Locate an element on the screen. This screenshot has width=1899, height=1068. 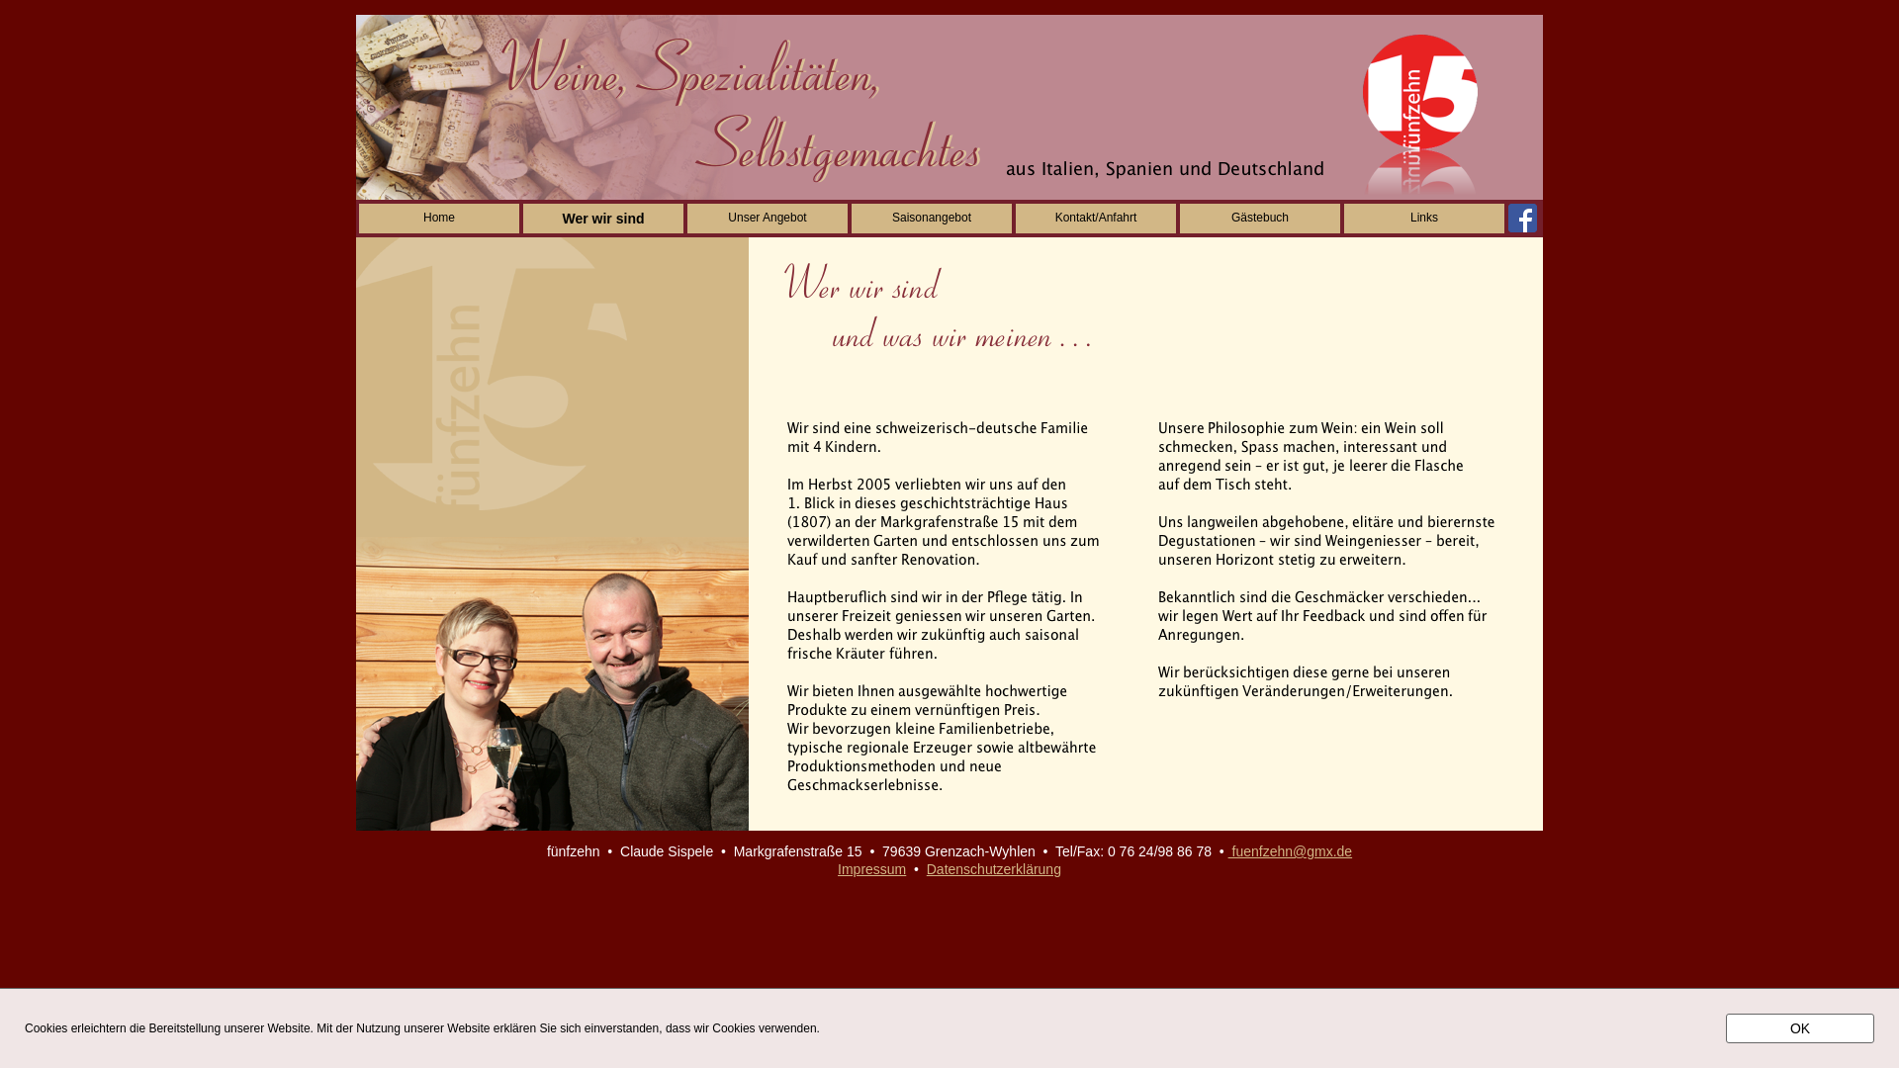
'Links' is located at coordinates (1343, 218).